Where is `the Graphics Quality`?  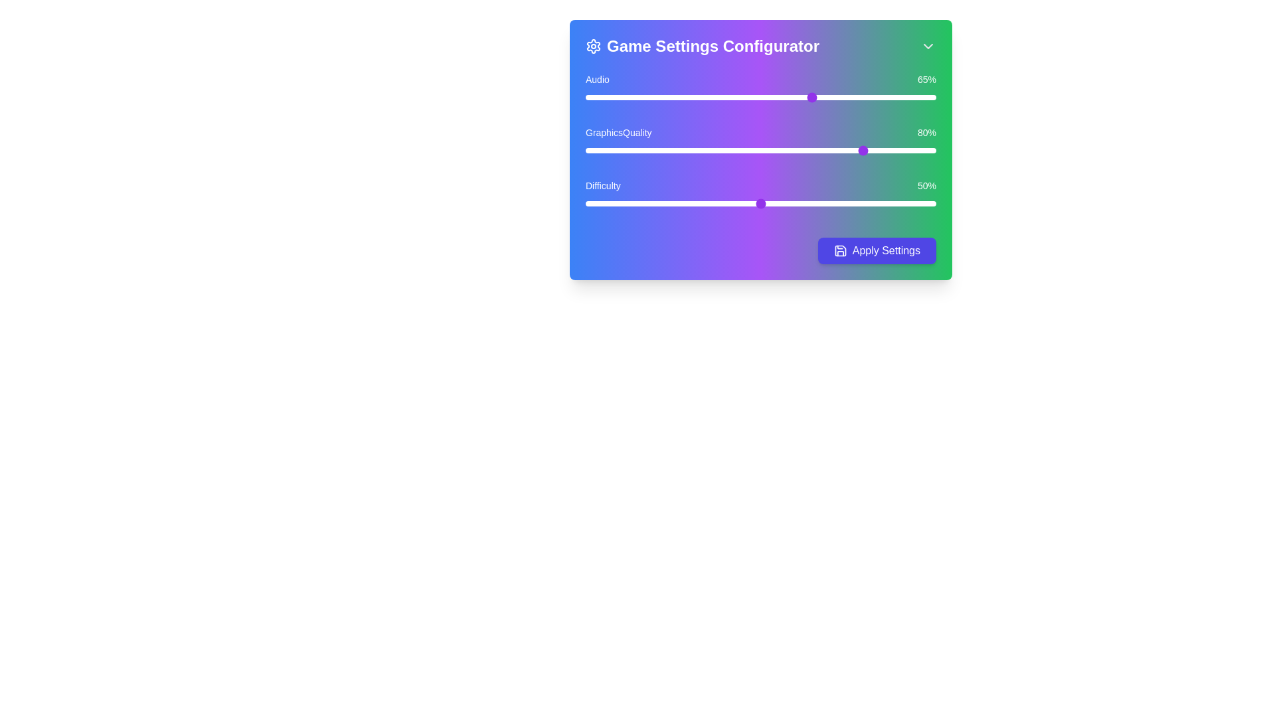 the Graphics Quality is located at coordinates (932, 150).